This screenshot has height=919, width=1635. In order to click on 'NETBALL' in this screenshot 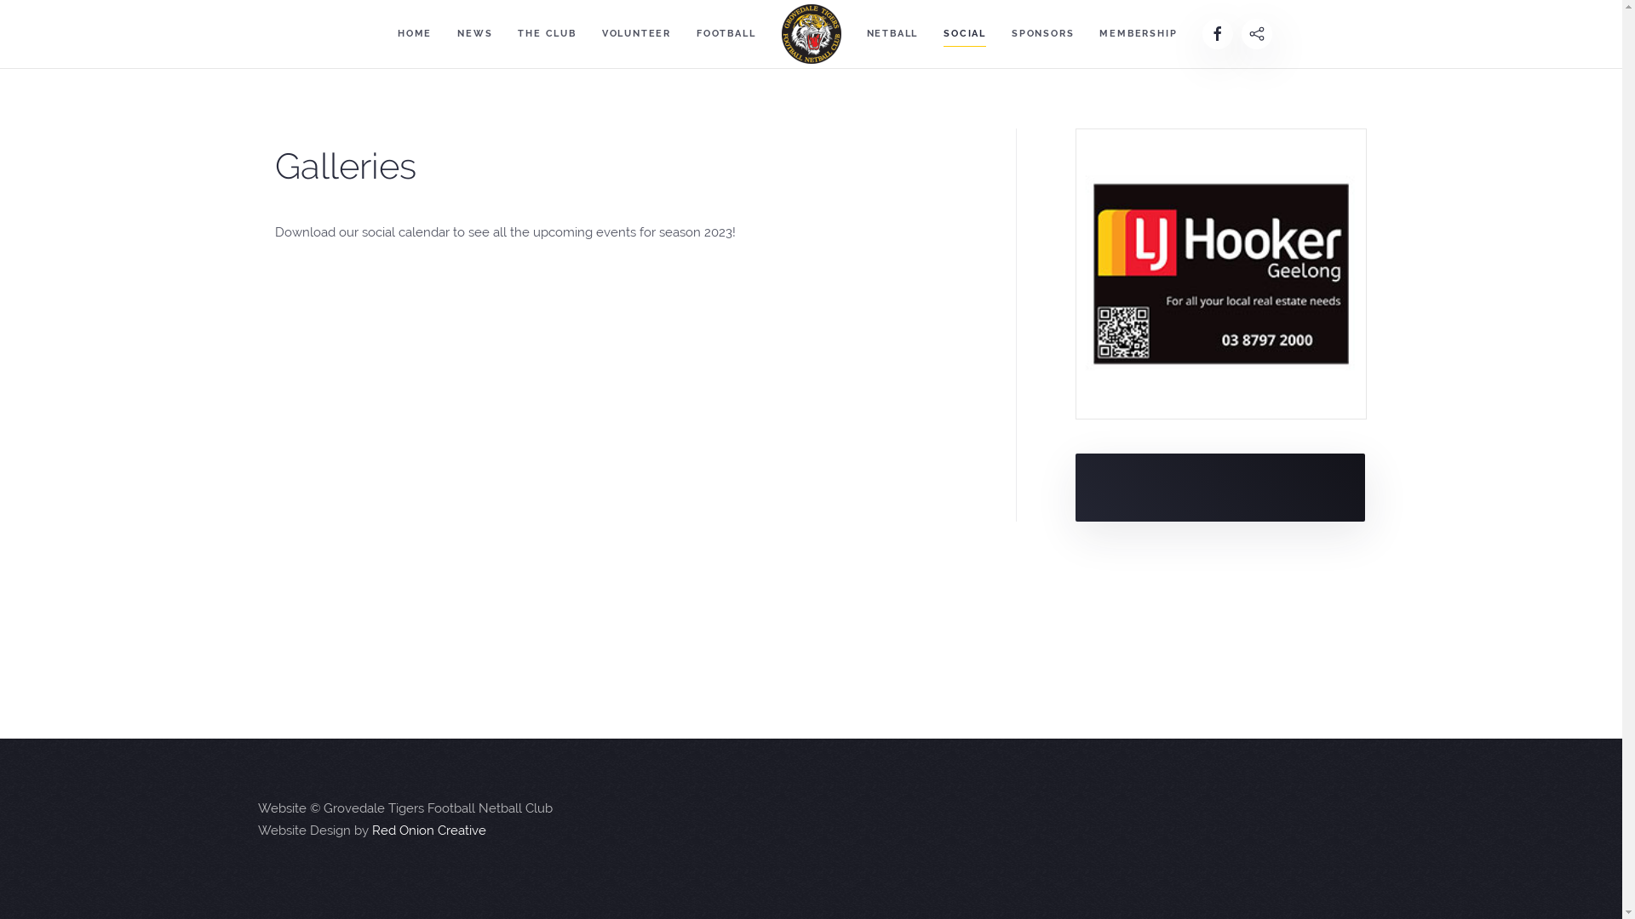, I will do `click(891, 33)`.